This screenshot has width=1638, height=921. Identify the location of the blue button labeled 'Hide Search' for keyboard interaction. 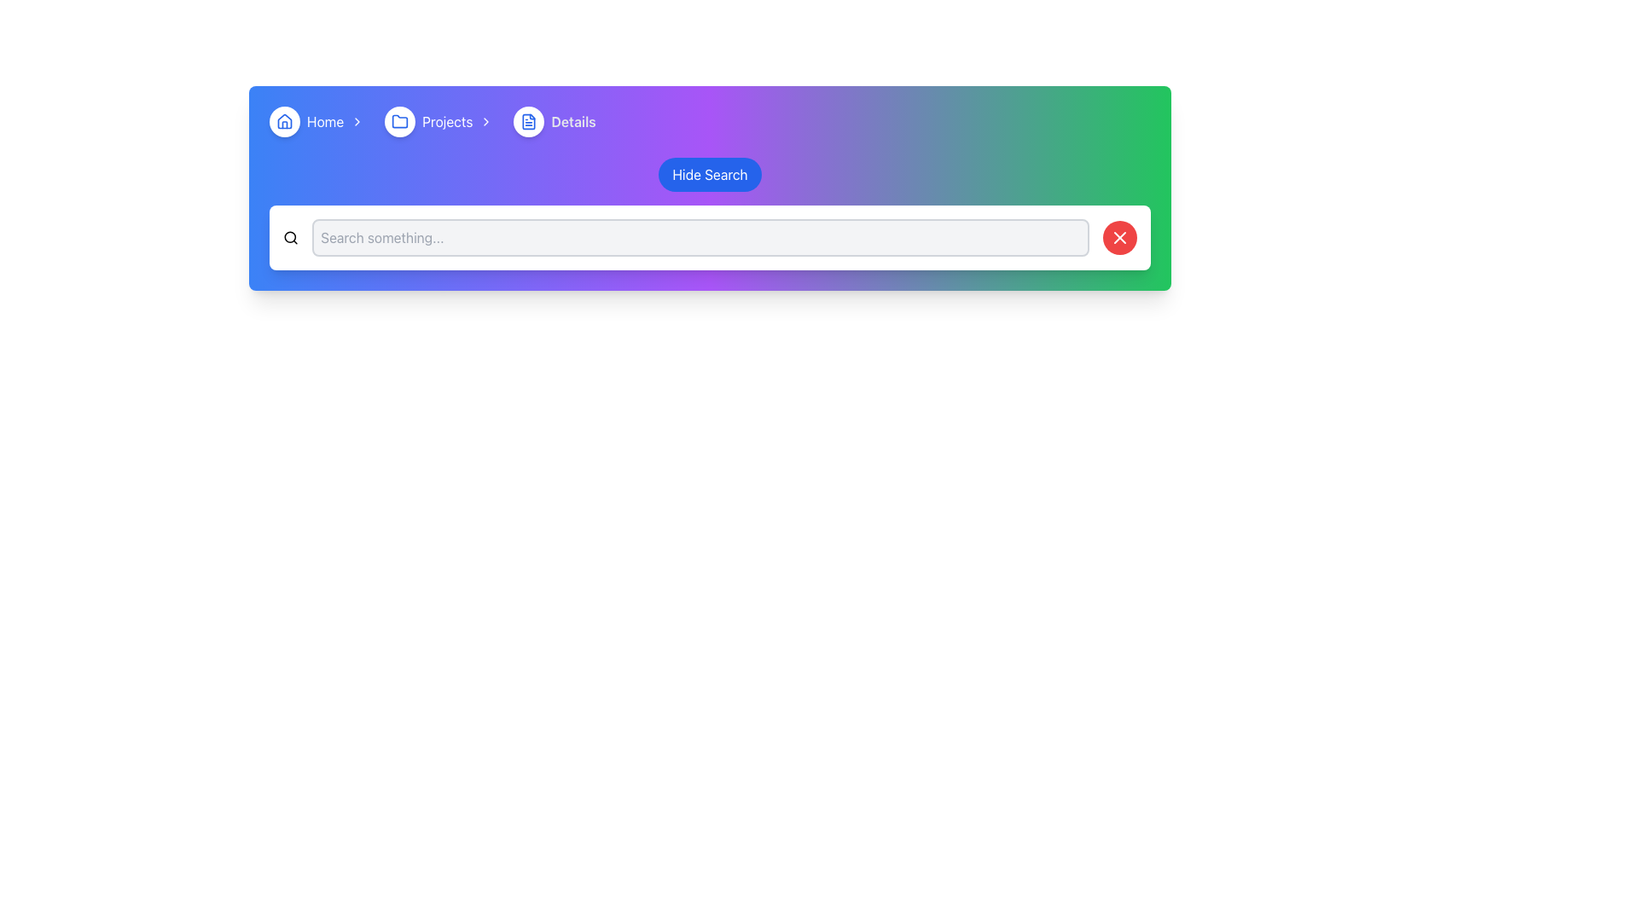
(710, 174).